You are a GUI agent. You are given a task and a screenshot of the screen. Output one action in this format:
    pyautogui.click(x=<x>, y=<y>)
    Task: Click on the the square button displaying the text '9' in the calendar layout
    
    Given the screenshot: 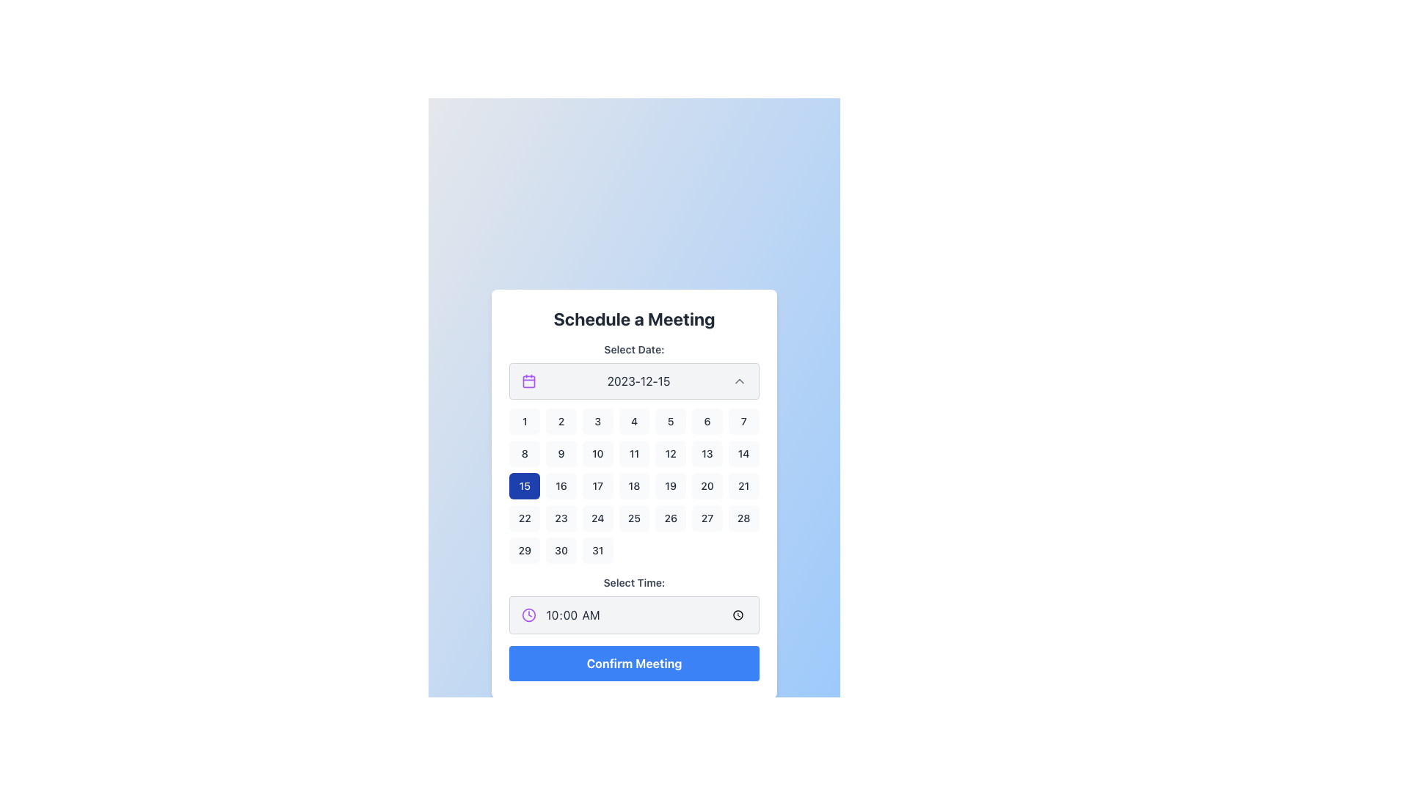 What is the action you would take?
    pyautogui.click(x=560, y=452)
    